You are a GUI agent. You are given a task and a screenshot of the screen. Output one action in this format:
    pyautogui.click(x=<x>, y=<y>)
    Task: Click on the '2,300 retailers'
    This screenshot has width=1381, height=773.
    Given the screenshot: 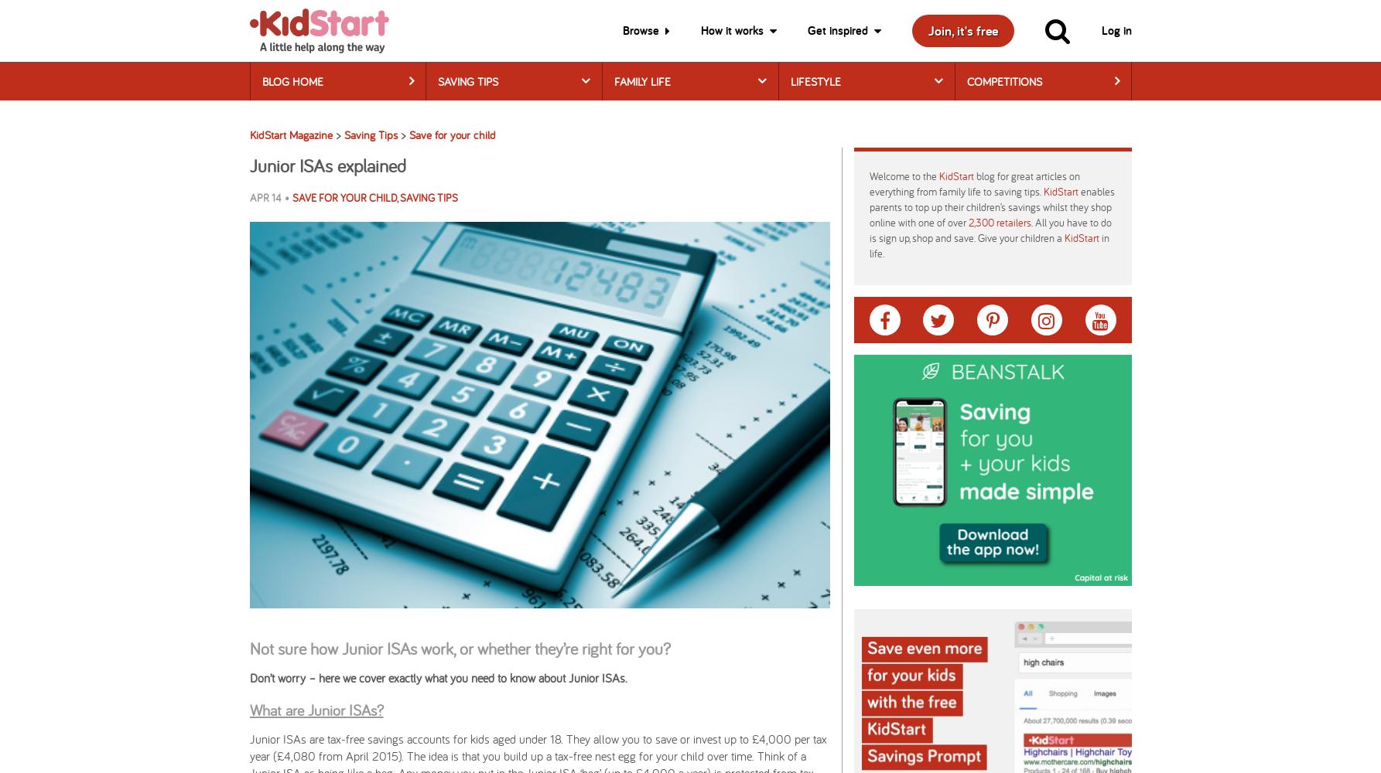 What is the action you would take?
    pyautogui.click(x=999, y=222)
    